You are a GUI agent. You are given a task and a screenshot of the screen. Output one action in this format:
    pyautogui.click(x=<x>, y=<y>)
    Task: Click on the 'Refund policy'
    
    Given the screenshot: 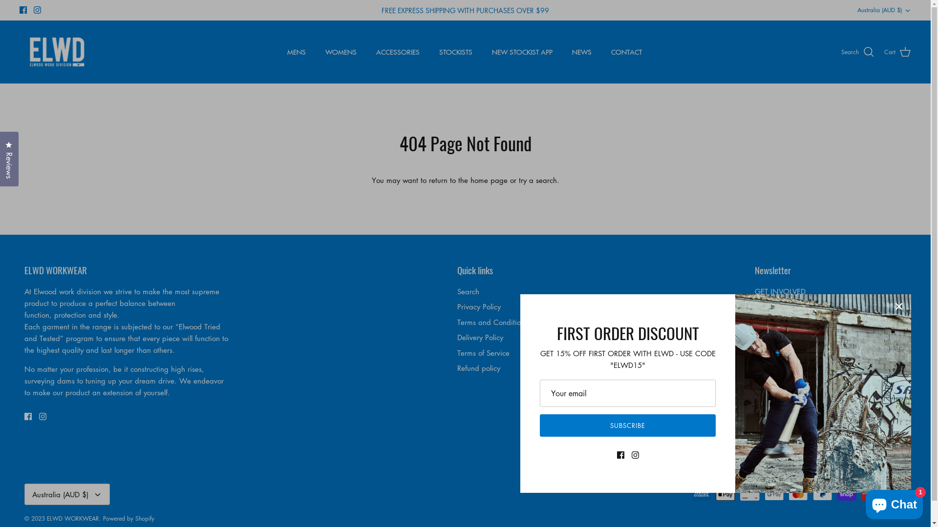 What is the action you would take?
    pyautogui.click(x=457, y=367)
    